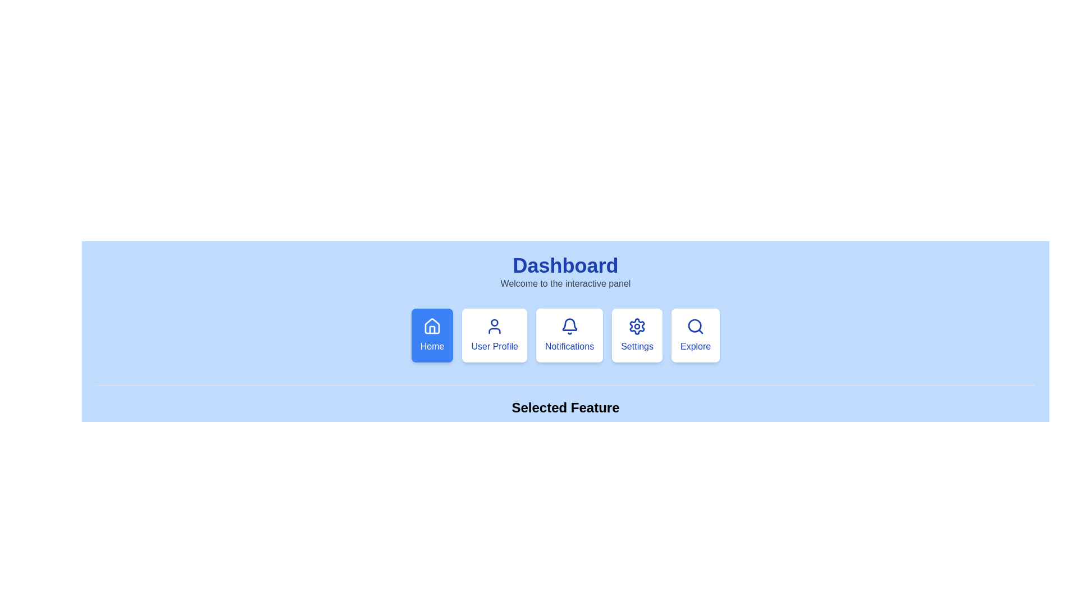 The height and width of the screenshot is (606, 1078). What do you see at coordinates (569, 346) in the screenshot?
I see `the text label that serves as the fourth item in a horizontal row of options, specifically positioned below the bell icon for the 'Notifications' menu to associate it with its icon` at bounding box center [569, 346].